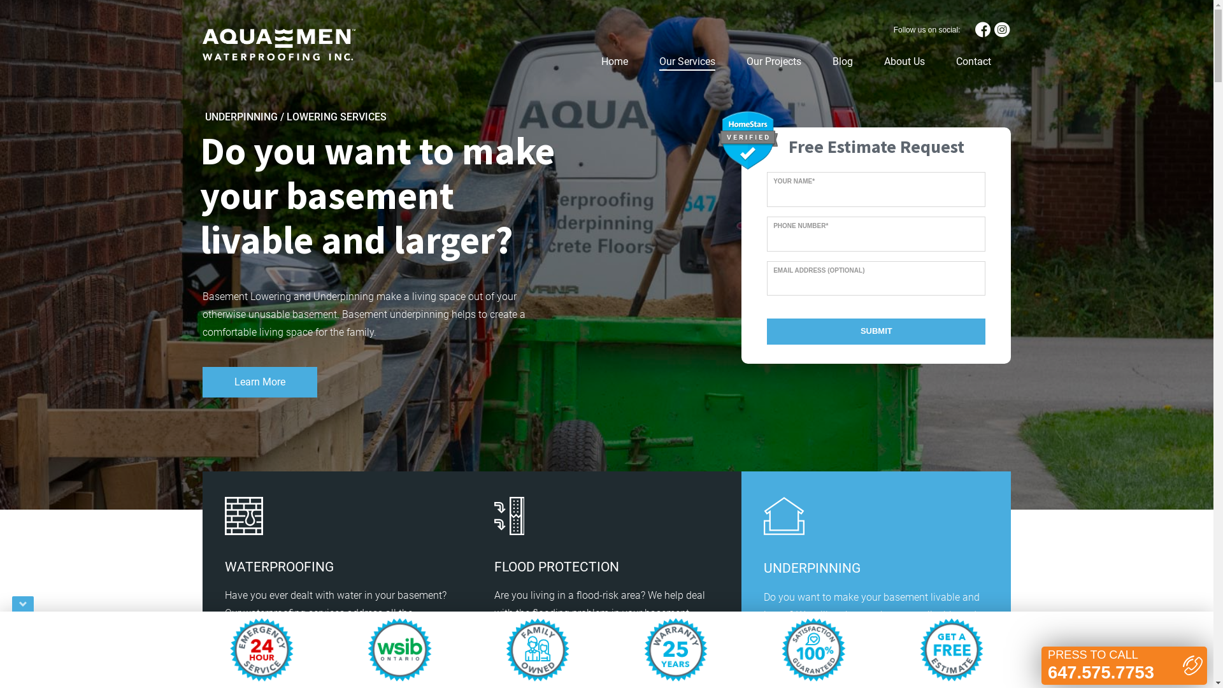 The height and width of the screenshot is (688, 1223). Describe the element at coordinates (259, 382) in the screenshot. I see `'Learn More'` at that location.